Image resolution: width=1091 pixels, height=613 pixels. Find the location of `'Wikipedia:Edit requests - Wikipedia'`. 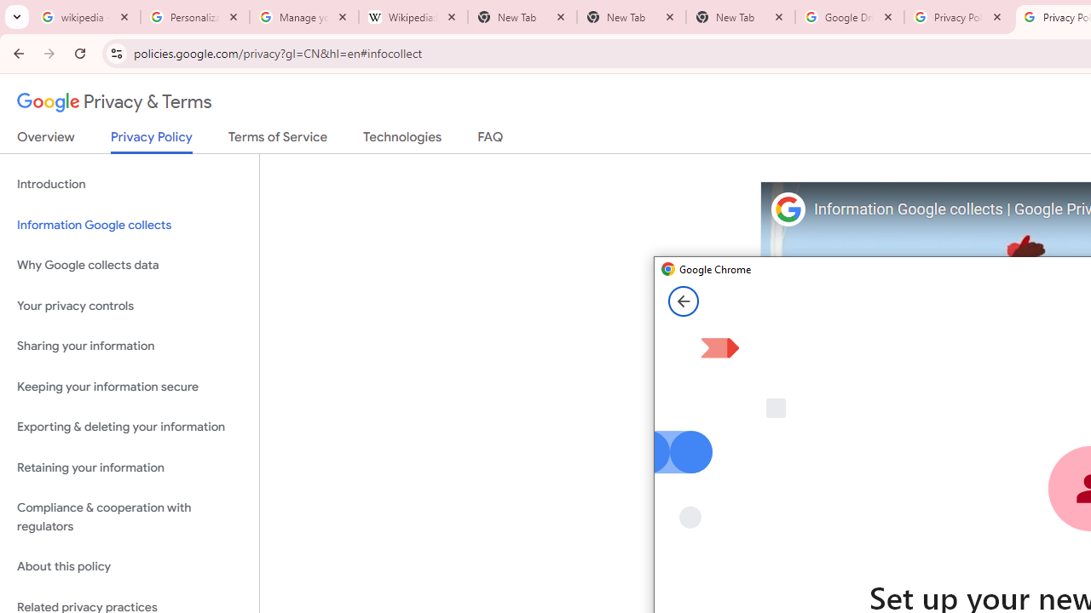

'Wikipedia:Edit requests - Wikipedia' is located at coordinates (413, 17).